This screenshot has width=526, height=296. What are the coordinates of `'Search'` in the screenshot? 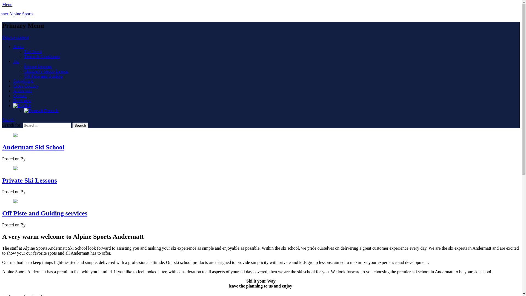 It's located at (2, 119).